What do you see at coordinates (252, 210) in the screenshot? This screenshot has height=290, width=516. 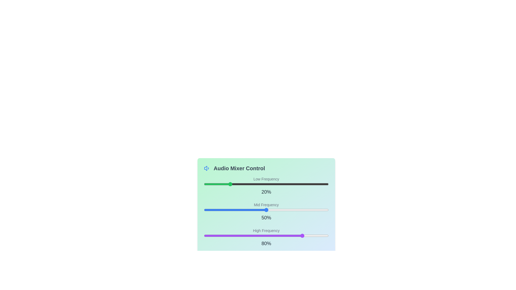 I see `the 'Mid Frequency' slider` at bounding box center [252, 210].